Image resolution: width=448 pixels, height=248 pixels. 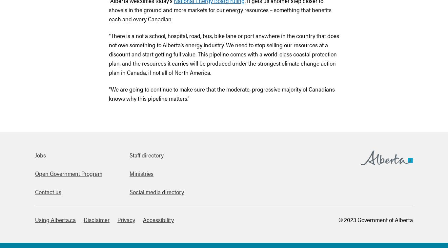 I want to click on 'Disclaimer', so click(x=96, y=219).